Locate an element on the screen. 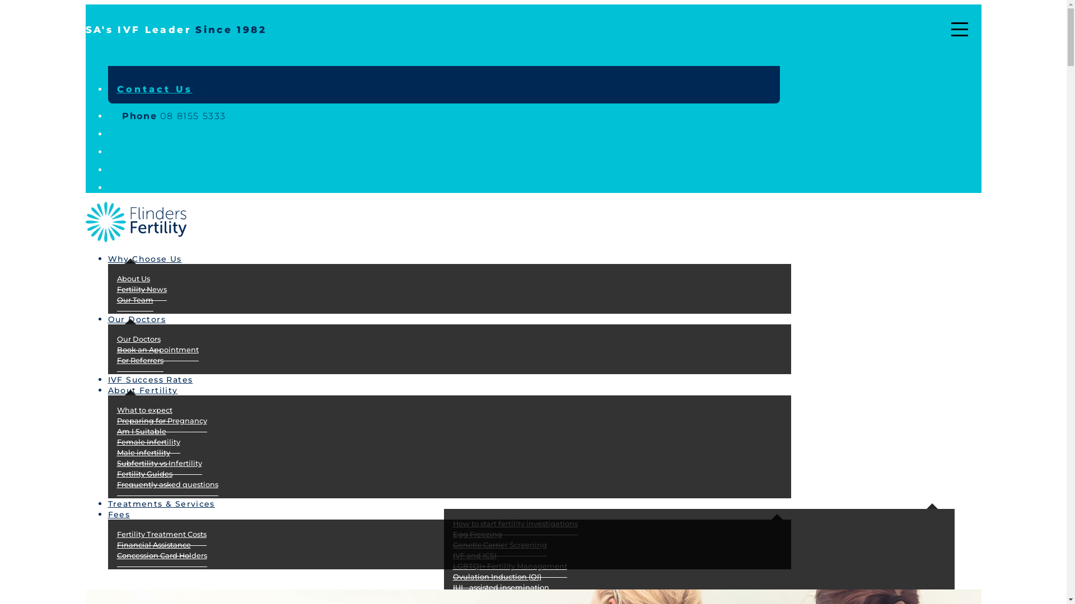  'Book an Appointment' is located at coordinates (116, 349).